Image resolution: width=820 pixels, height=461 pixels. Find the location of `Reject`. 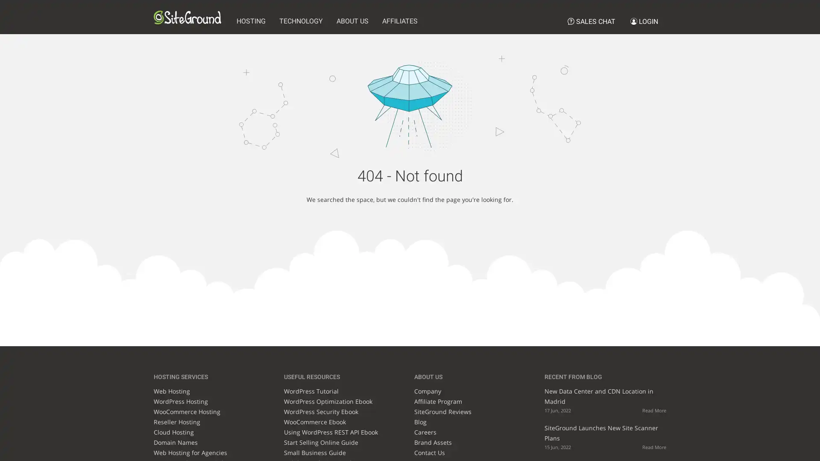

Reject is located at coordinates (654, 435).